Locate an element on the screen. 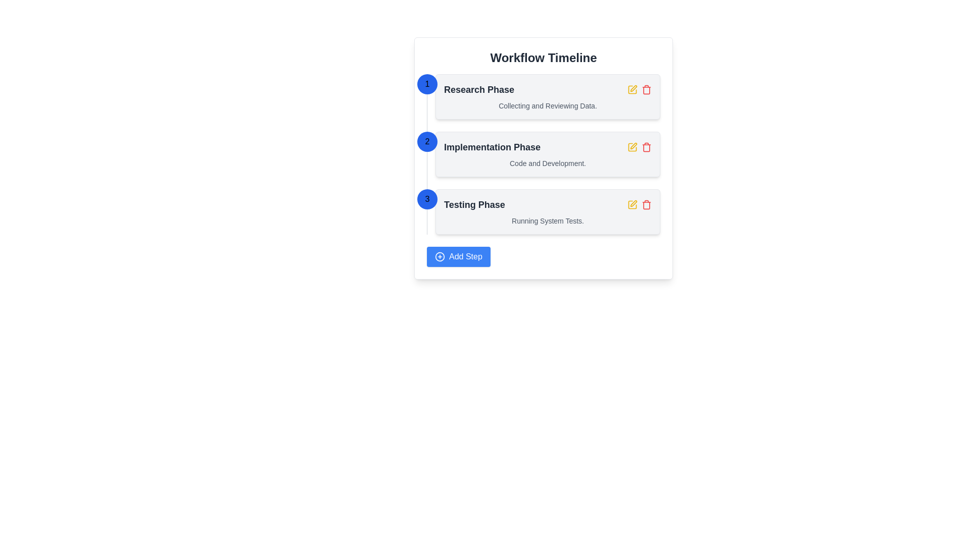  the edit icon in the 'Testing Phase' section using keyboard navigation is located at coordinates (633, 203).